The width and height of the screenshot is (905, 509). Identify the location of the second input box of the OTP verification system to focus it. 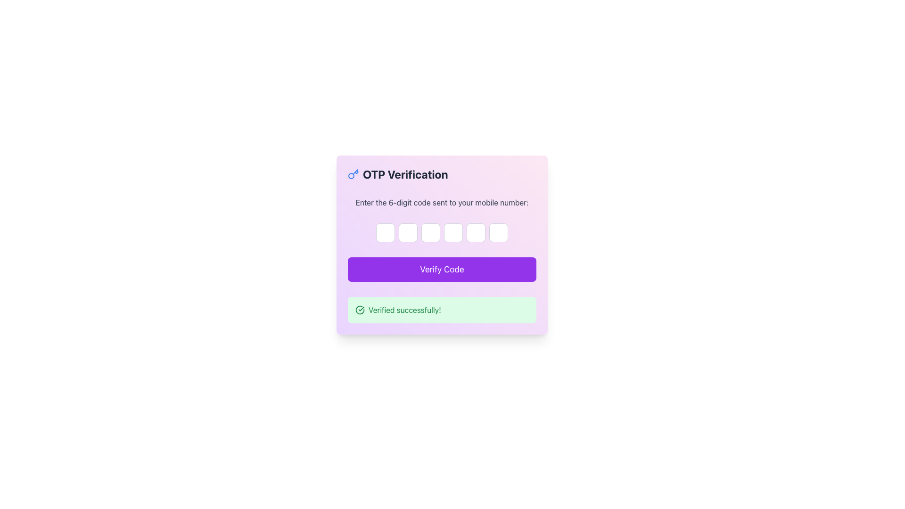
(408, 232).